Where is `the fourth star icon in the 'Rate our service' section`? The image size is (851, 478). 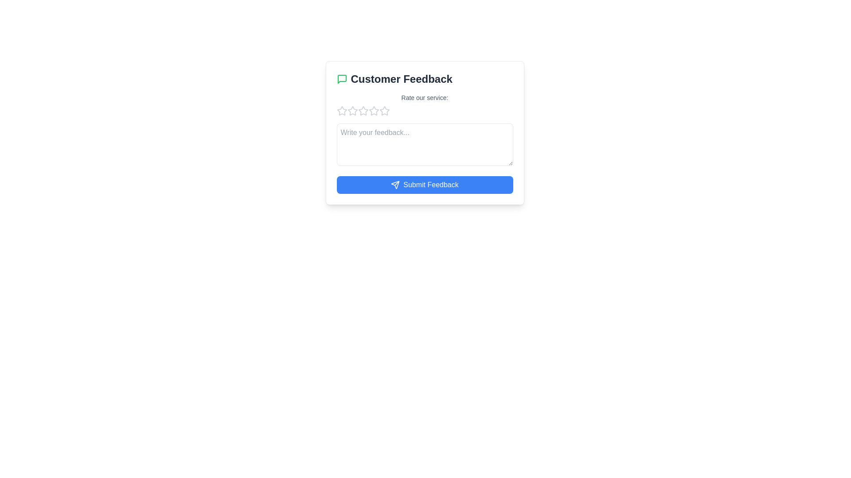
the fourth star icon in the 'Rate our service' section is located at coordinates (363, 110).